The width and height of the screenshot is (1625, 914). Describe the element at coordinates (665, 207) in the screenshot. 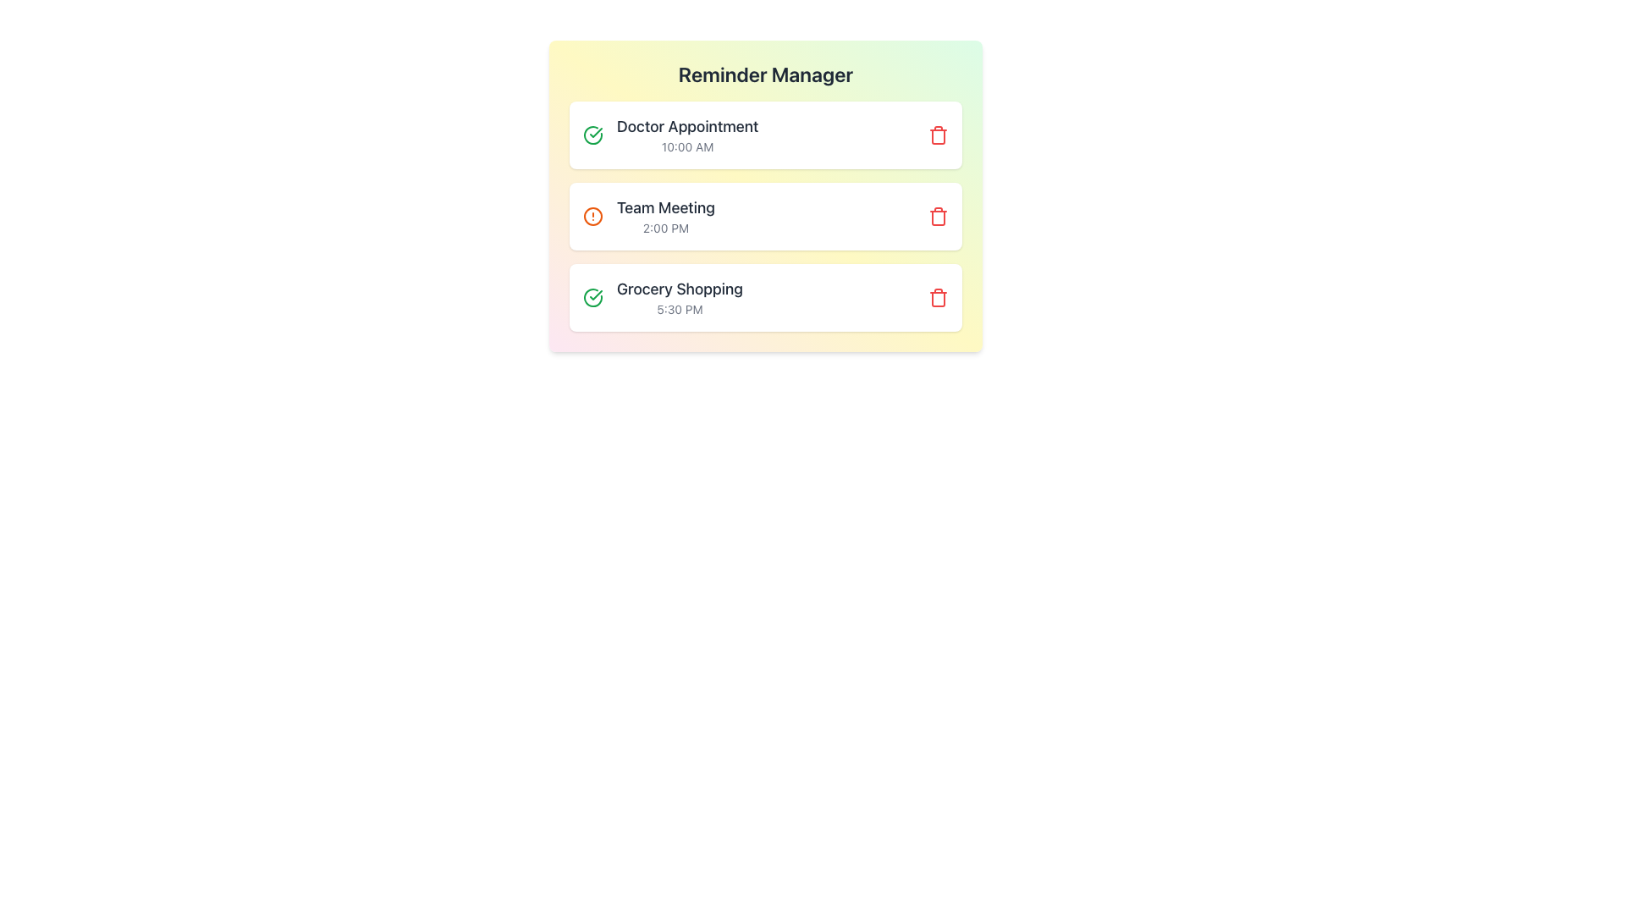

I see `the text label that reads 'Team Meeting,' which is the title of the second reminder in the 'Reminder Manager' section, positioned between 'Doctor Appointment' and 'Grocery Shopping.'` at that location.